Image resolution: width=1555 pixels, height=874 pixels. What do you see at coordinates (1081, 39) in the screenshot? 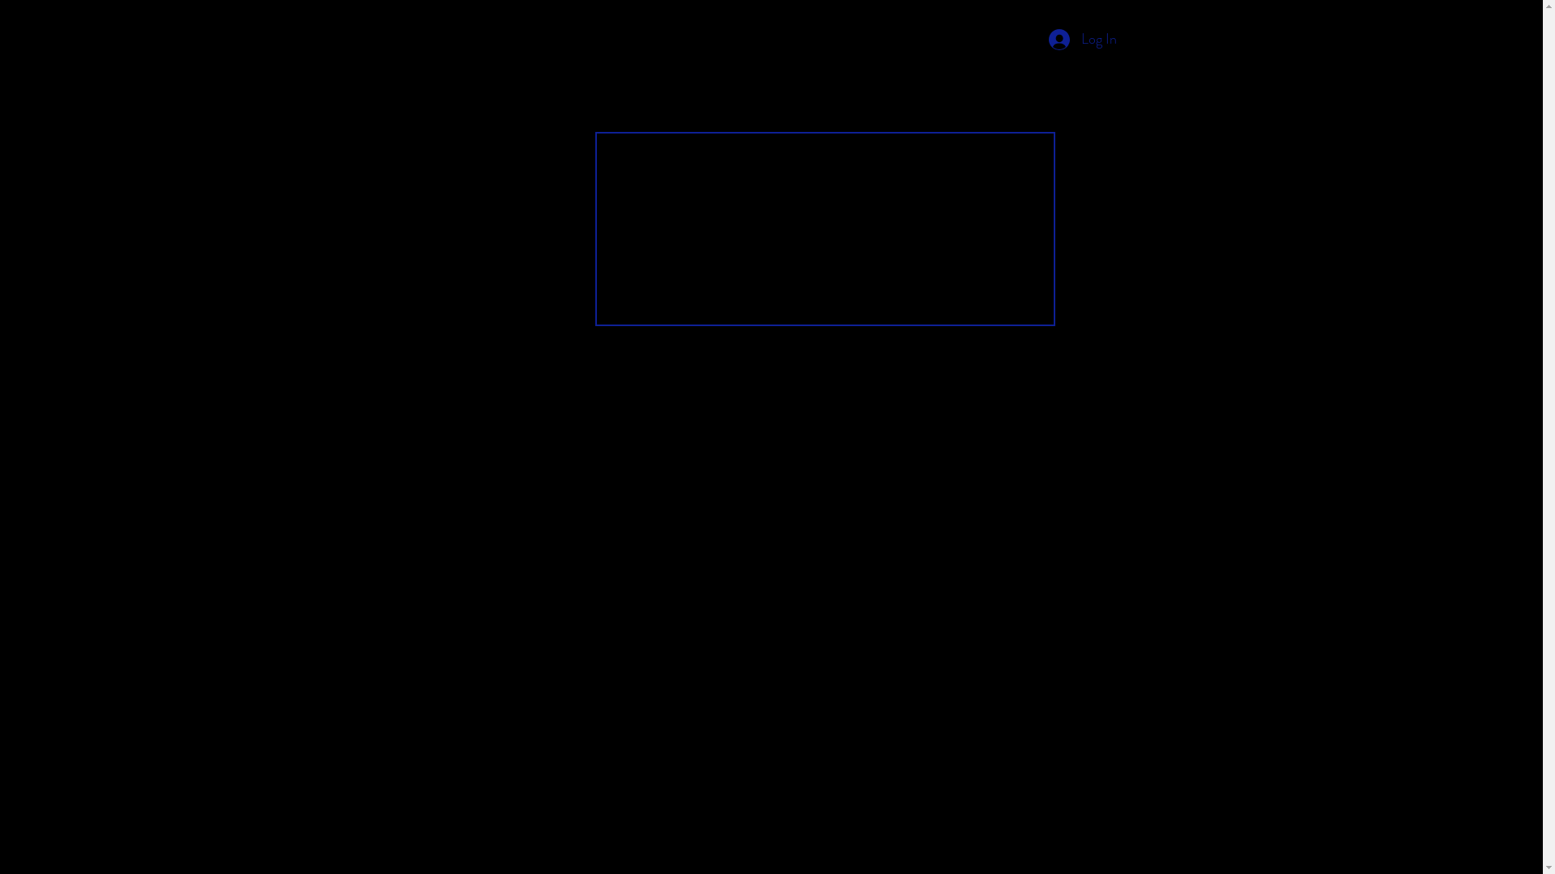
I see `'Log In'` at bounding box center [1081, 39].